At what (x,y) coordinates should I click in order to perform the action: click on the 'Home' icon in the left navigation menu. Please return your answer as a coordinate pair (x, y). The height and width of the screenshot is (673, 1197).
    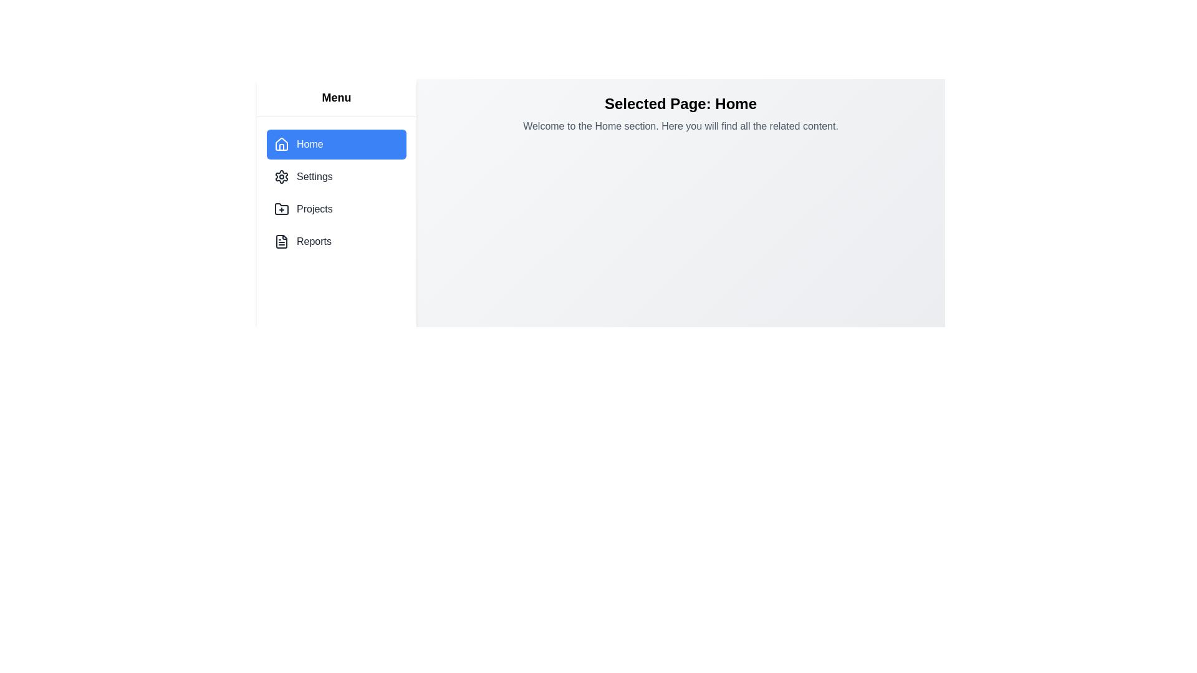
    Looking at the image, I should click on (281, 143).